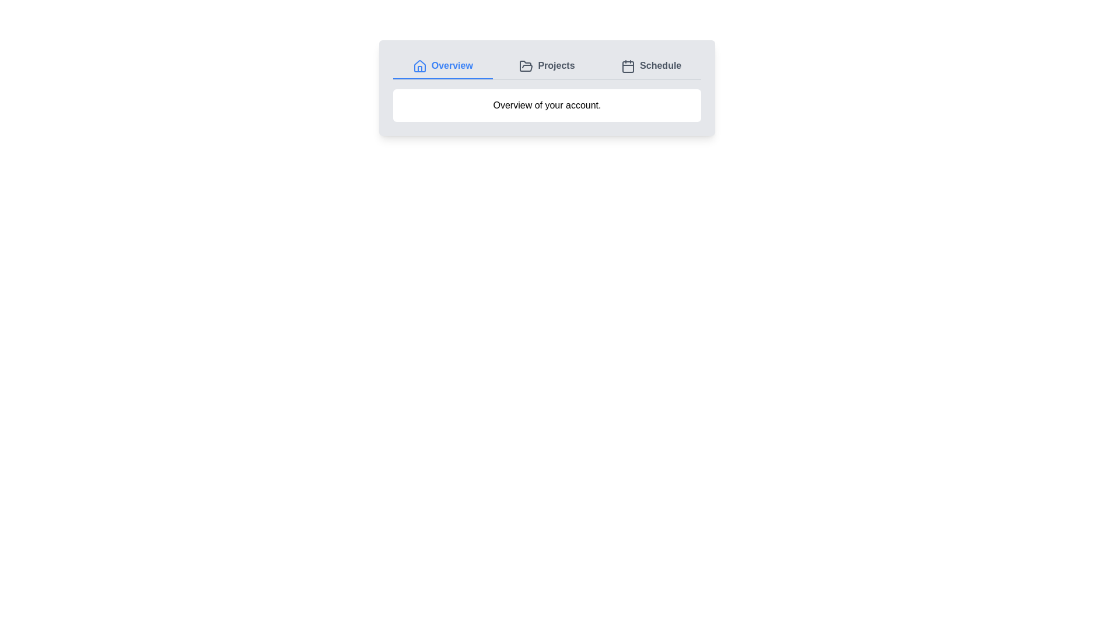 The image size is (1120, 630). What do you see at coordinates (650, 66) in the screenshot?
I see `the Schedule tab` at bounding box center [650, 66].